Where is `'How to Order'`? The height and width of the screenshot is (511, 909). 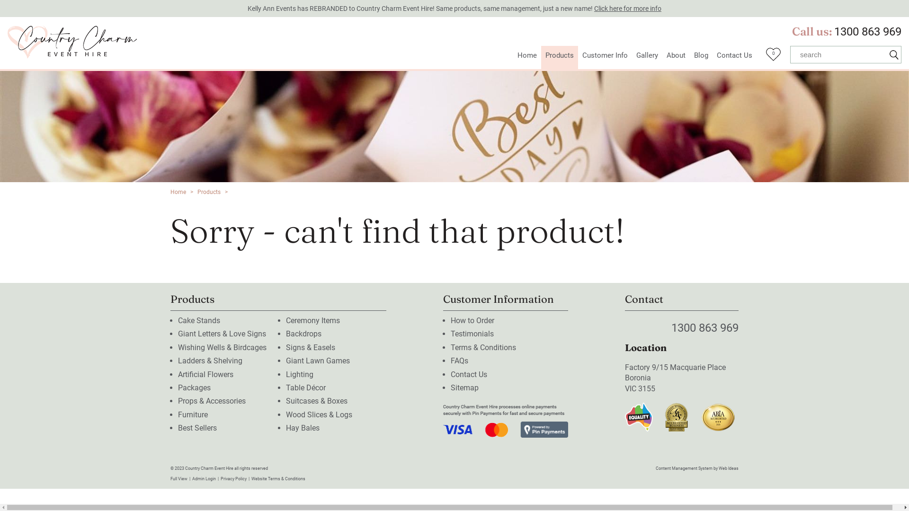 'How to Order' is located at coordinates (450, 320).